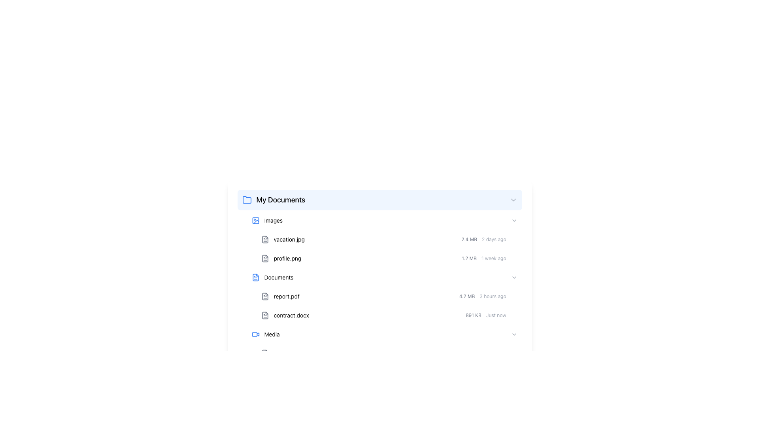  Describe the element at coordinates (280, 296) in the screenshot. I see `the text label displaying 'report.pdf' alongside the document icon located at the top-left section of the document listing under the 'Documents' category` at that location.